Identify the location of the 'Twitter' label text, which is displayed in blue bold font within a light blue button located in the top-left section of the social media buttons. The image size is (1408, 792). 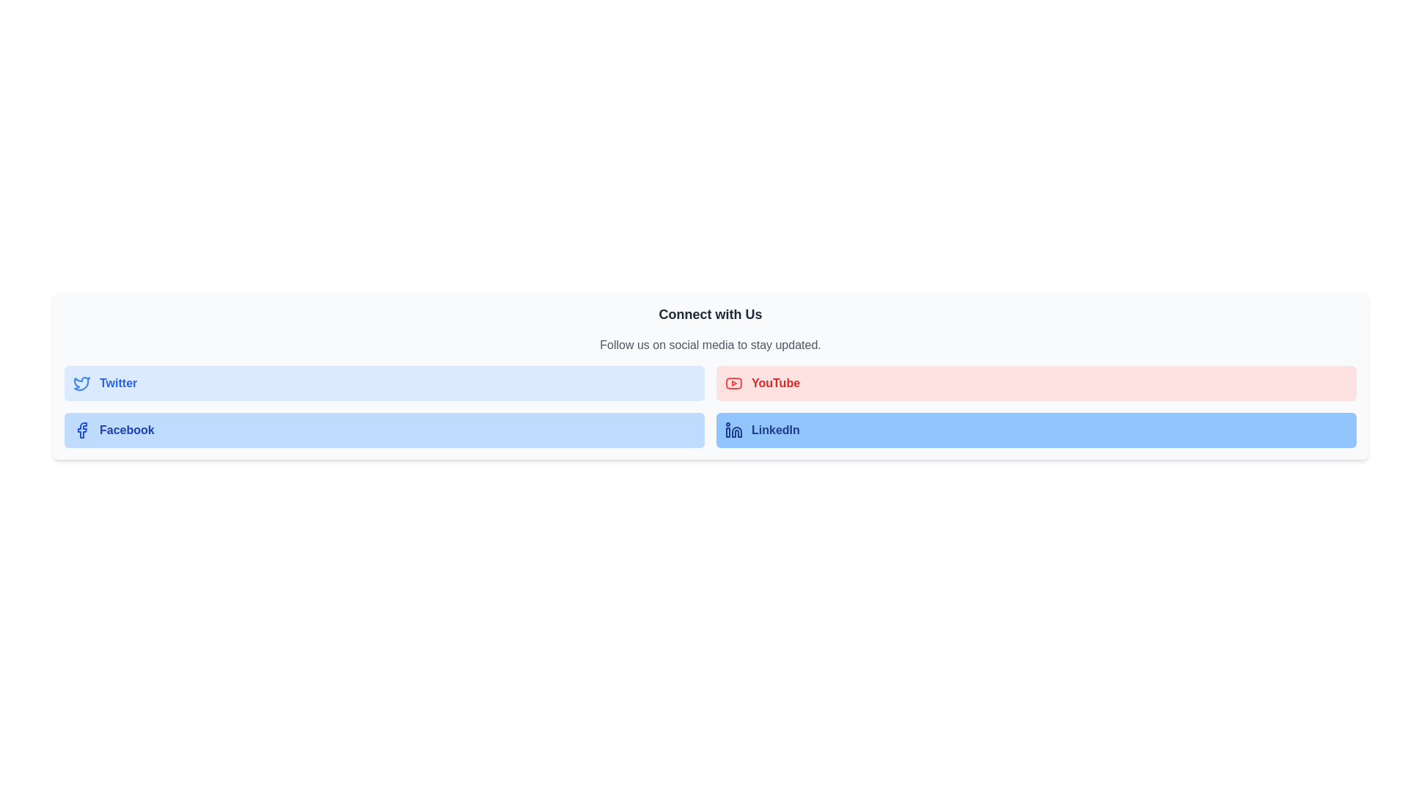
(118, 383).